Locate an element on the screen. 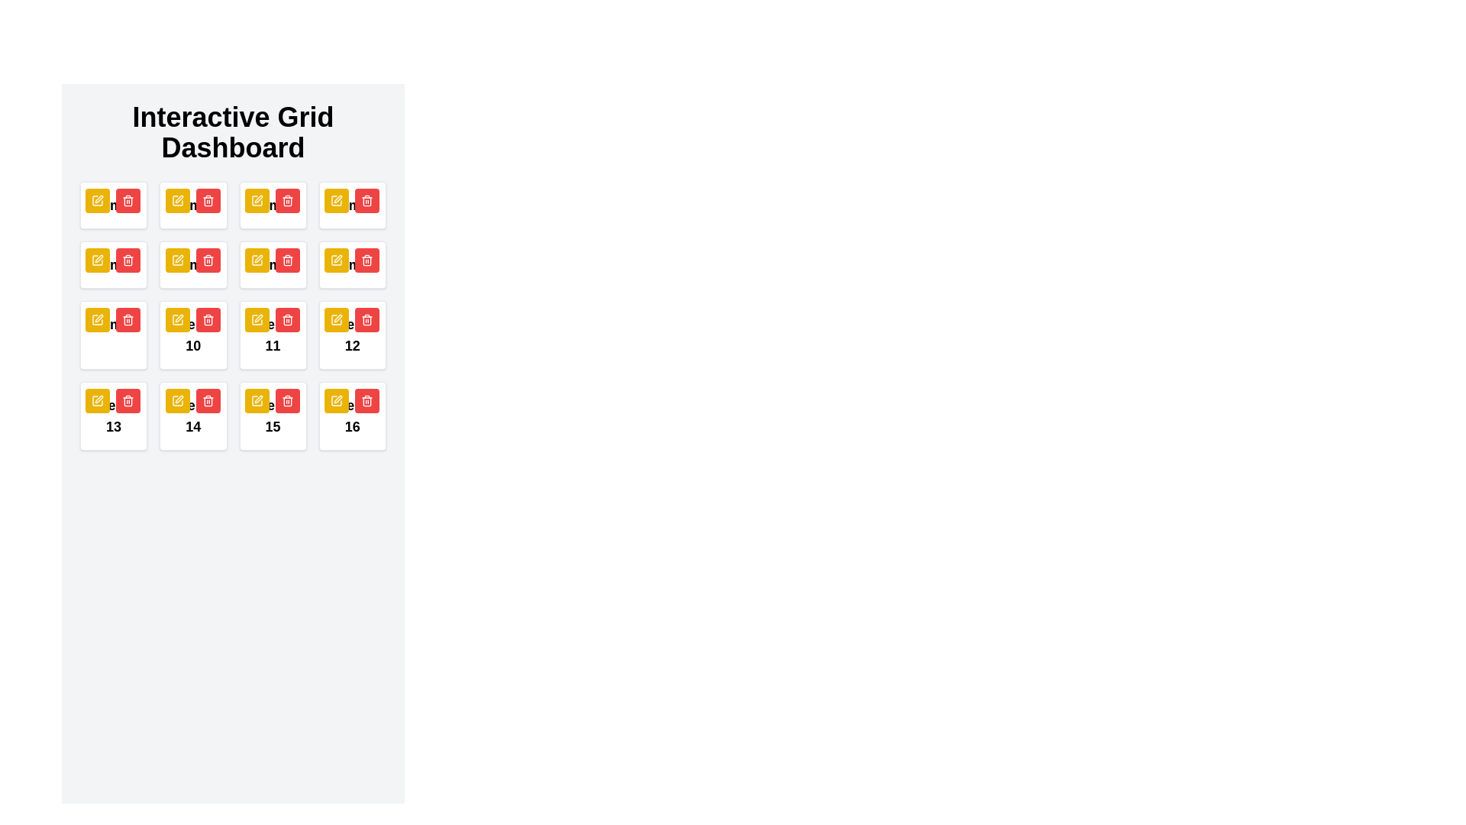 Image resolution: width=1466 pixels, height=825 pixels. the edit icon located in the small yellow button at the center of the first row, second column of the grid-based interface is located at coordinates (177, 199).